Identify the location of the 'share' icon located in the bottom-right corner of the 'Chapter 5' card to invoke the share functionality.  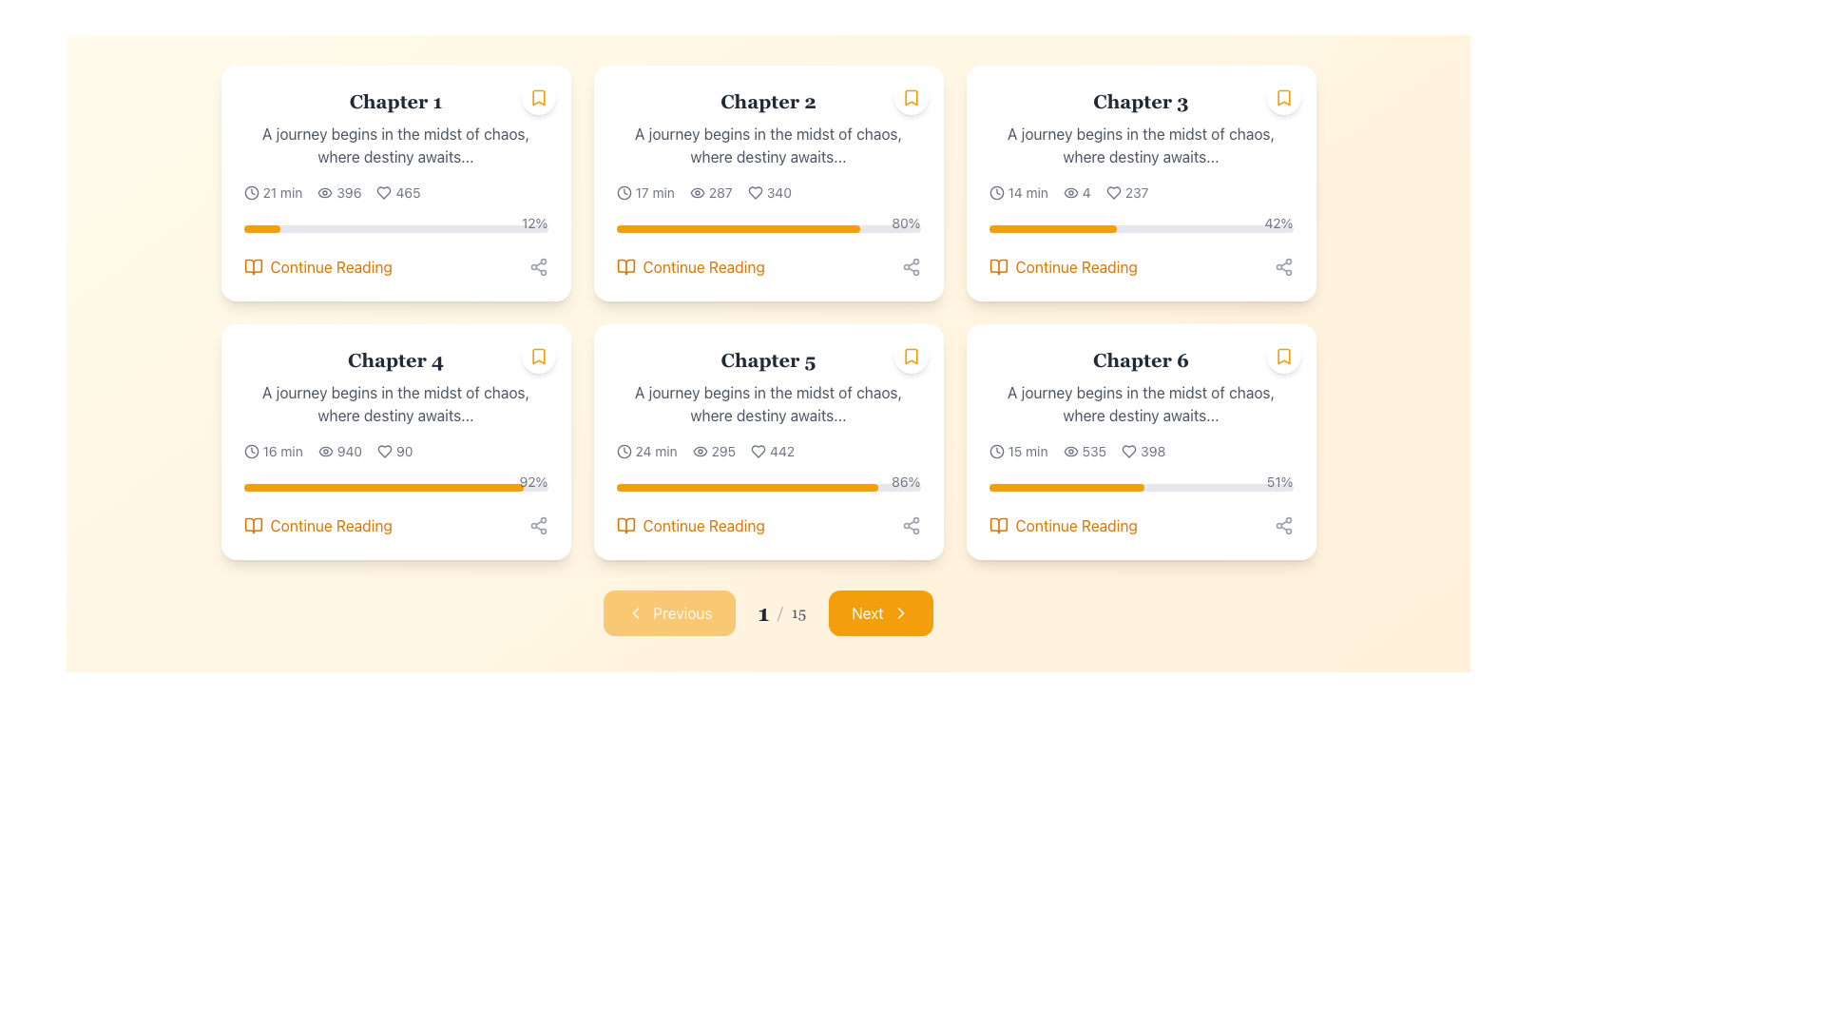
(910, 525).